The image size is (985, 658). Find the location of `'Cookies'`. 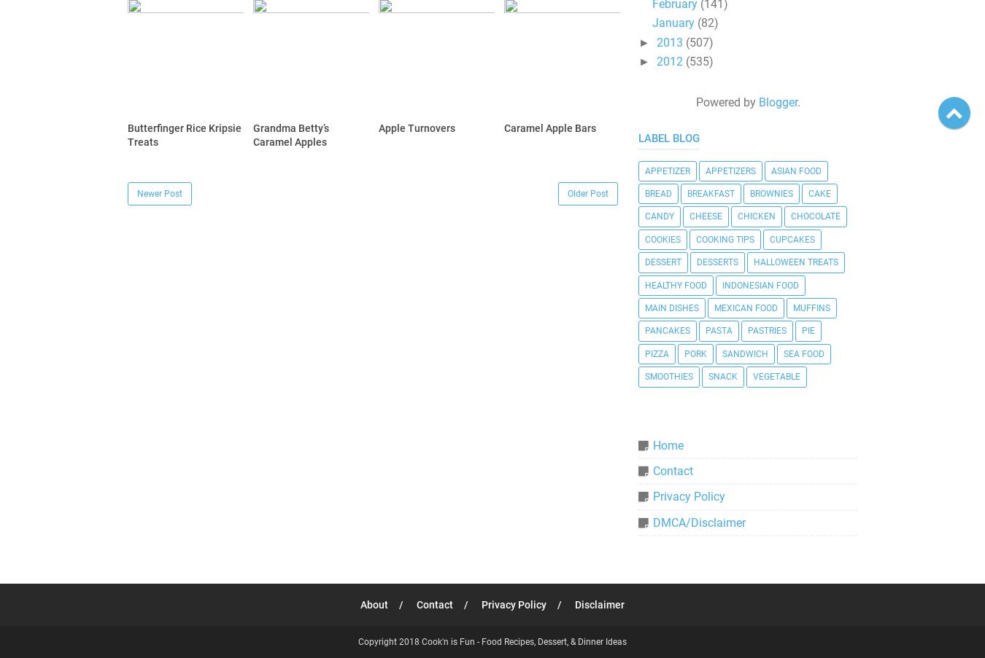

'Cookies' is located at coordinates (662, 238).